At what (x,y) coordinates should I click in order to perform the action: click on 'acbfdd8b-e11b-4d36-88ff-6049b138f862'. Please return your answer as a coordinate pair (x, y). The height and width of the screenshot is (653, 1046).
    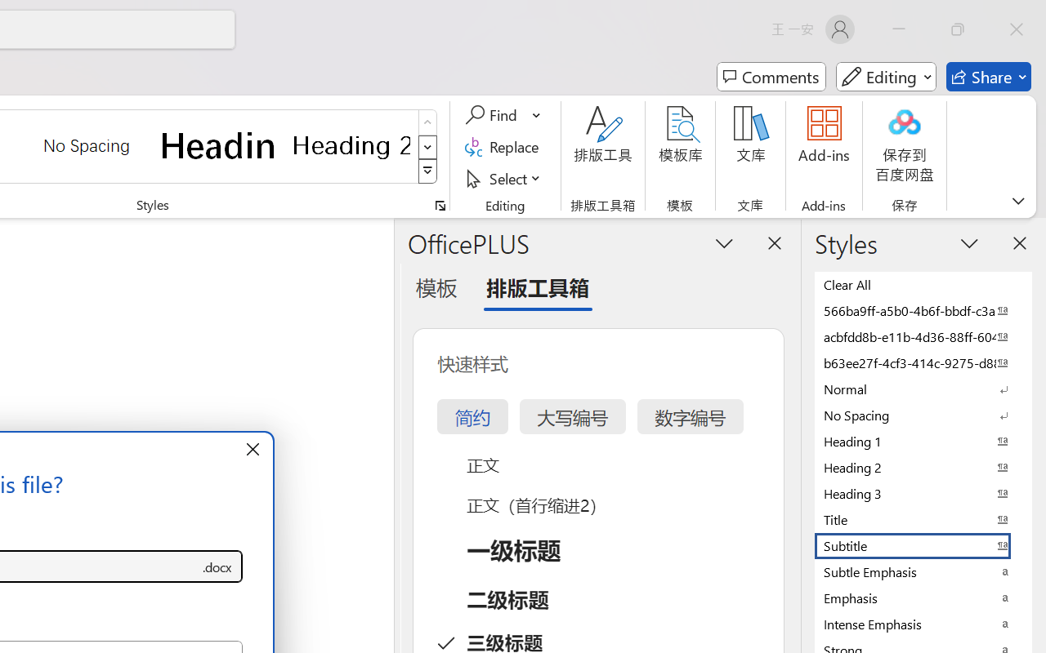
    Looking at the image, I should click on (923, 336).